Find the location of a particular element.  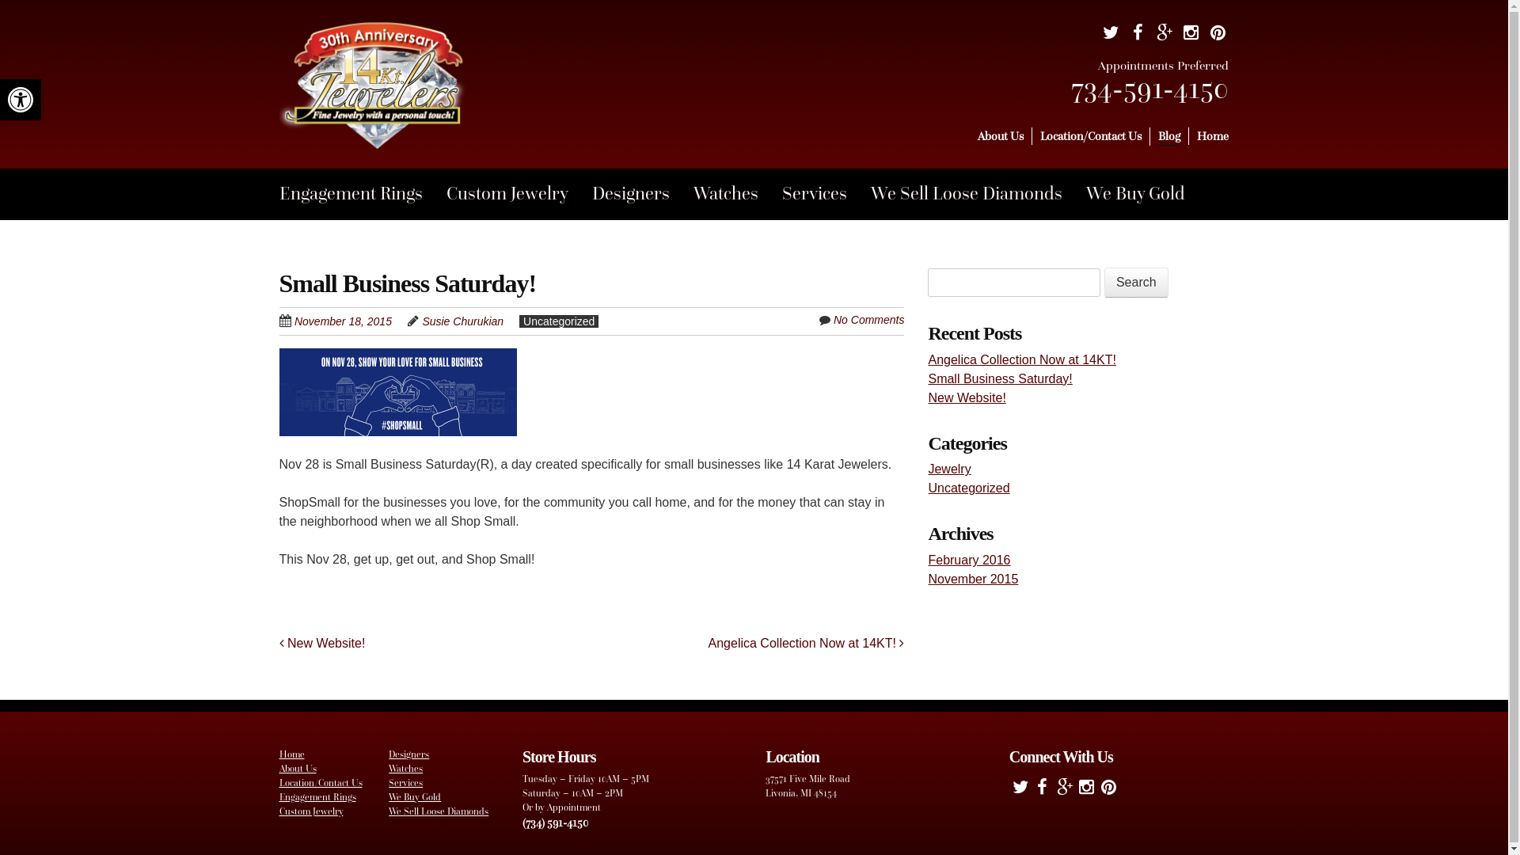

'Jewelry' is located at coordinates (927, 468).